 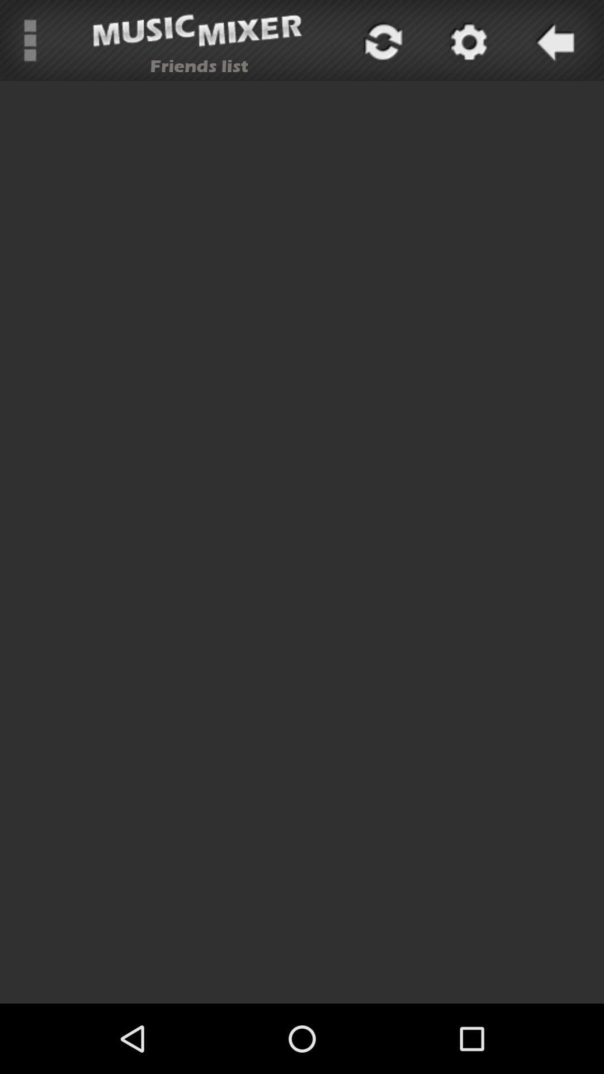 I want to click on settings, so click(x=467, y=40).